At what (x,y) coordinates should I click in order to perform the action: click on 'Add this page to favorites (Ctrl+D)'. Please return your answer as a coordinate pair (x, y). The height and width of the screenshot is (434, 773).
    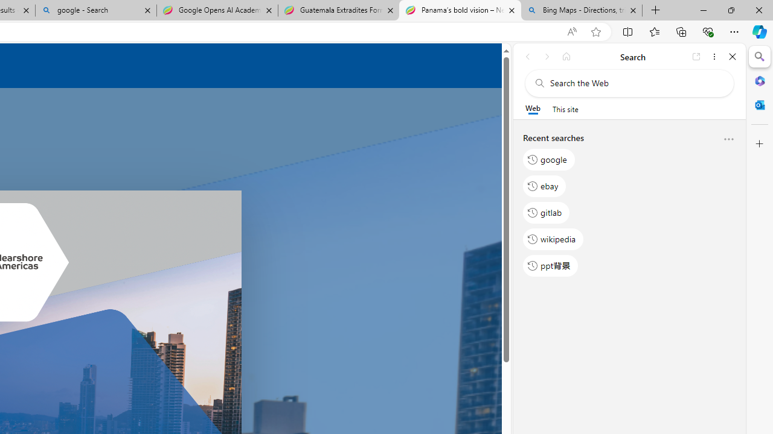
    Looking at the image, I should click on (595, 31).